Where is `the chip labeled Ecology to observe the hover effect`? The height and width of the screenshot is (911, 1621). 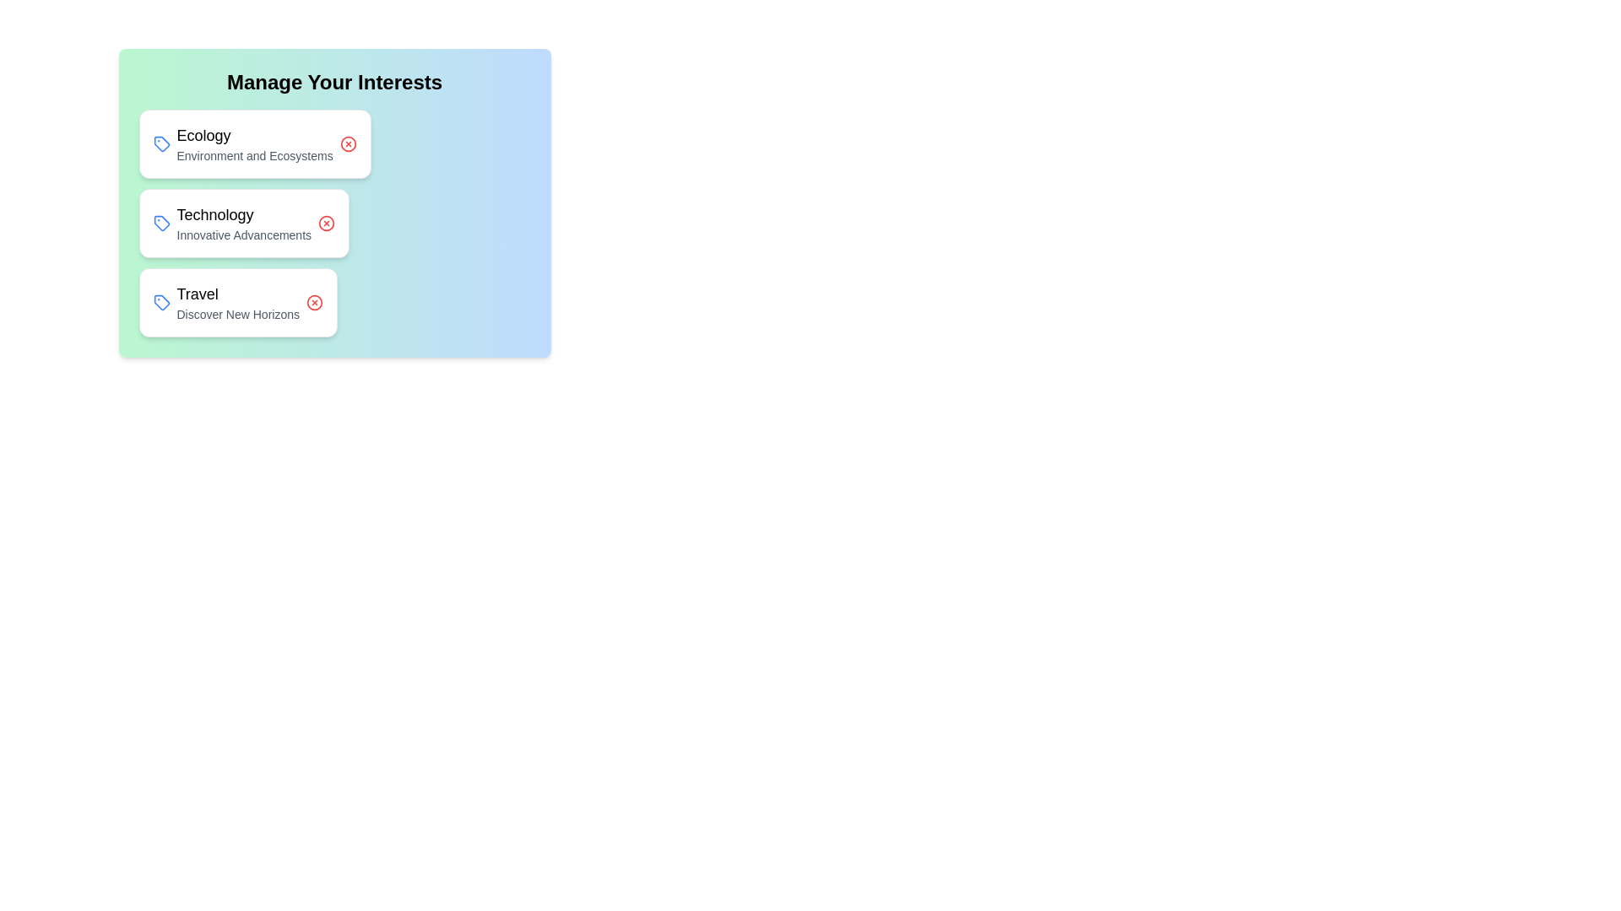 the chip labeled Ecology to observe the hover effect is located at coordinates (254, 143).